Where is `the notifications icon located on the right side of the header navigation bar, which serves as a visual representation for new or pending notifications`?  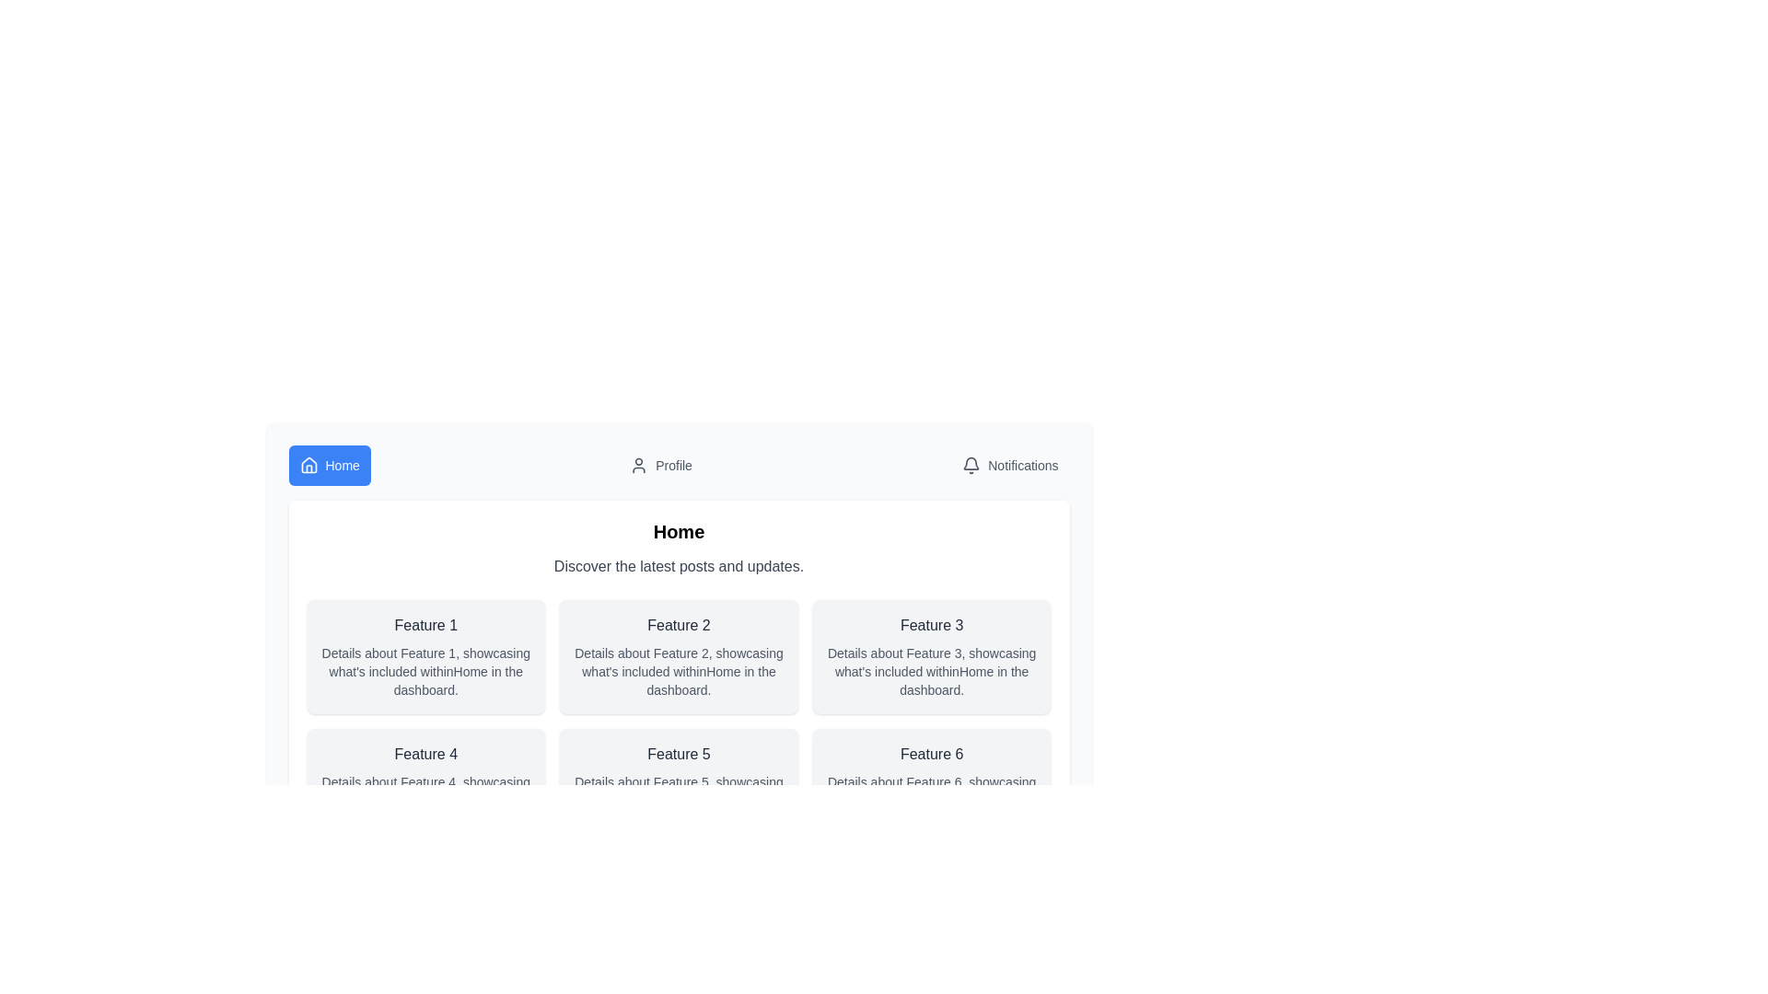
the notifications icon located on the right side of the header navigation bar, which serves as a visual representation for new or pending notifications is located at coordinates (971, 464).